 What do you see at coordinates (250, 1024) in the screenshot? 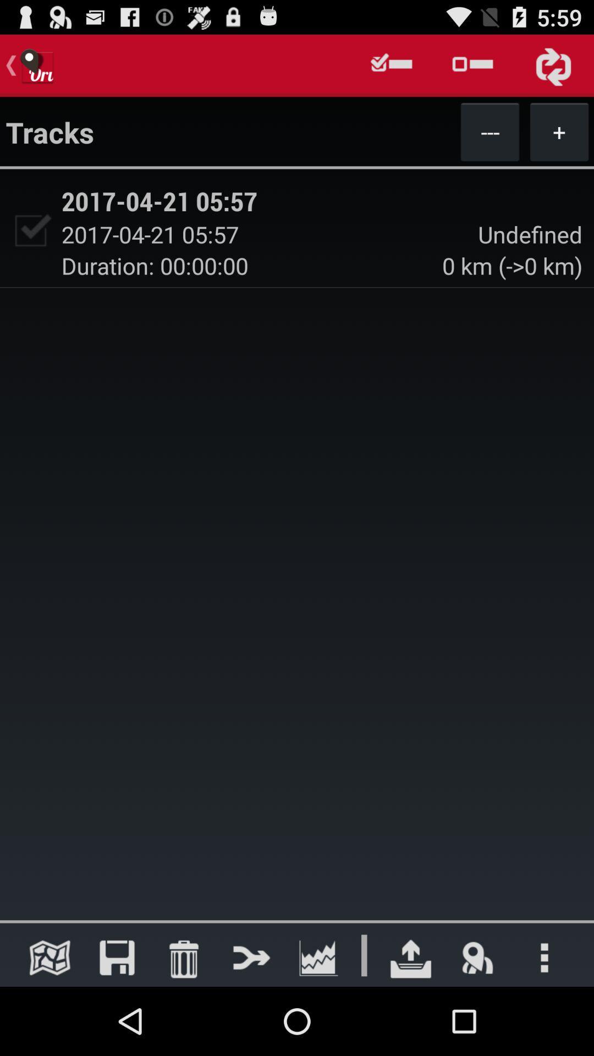
I see `the av_forward icon` at bounding box center [250, 1024].